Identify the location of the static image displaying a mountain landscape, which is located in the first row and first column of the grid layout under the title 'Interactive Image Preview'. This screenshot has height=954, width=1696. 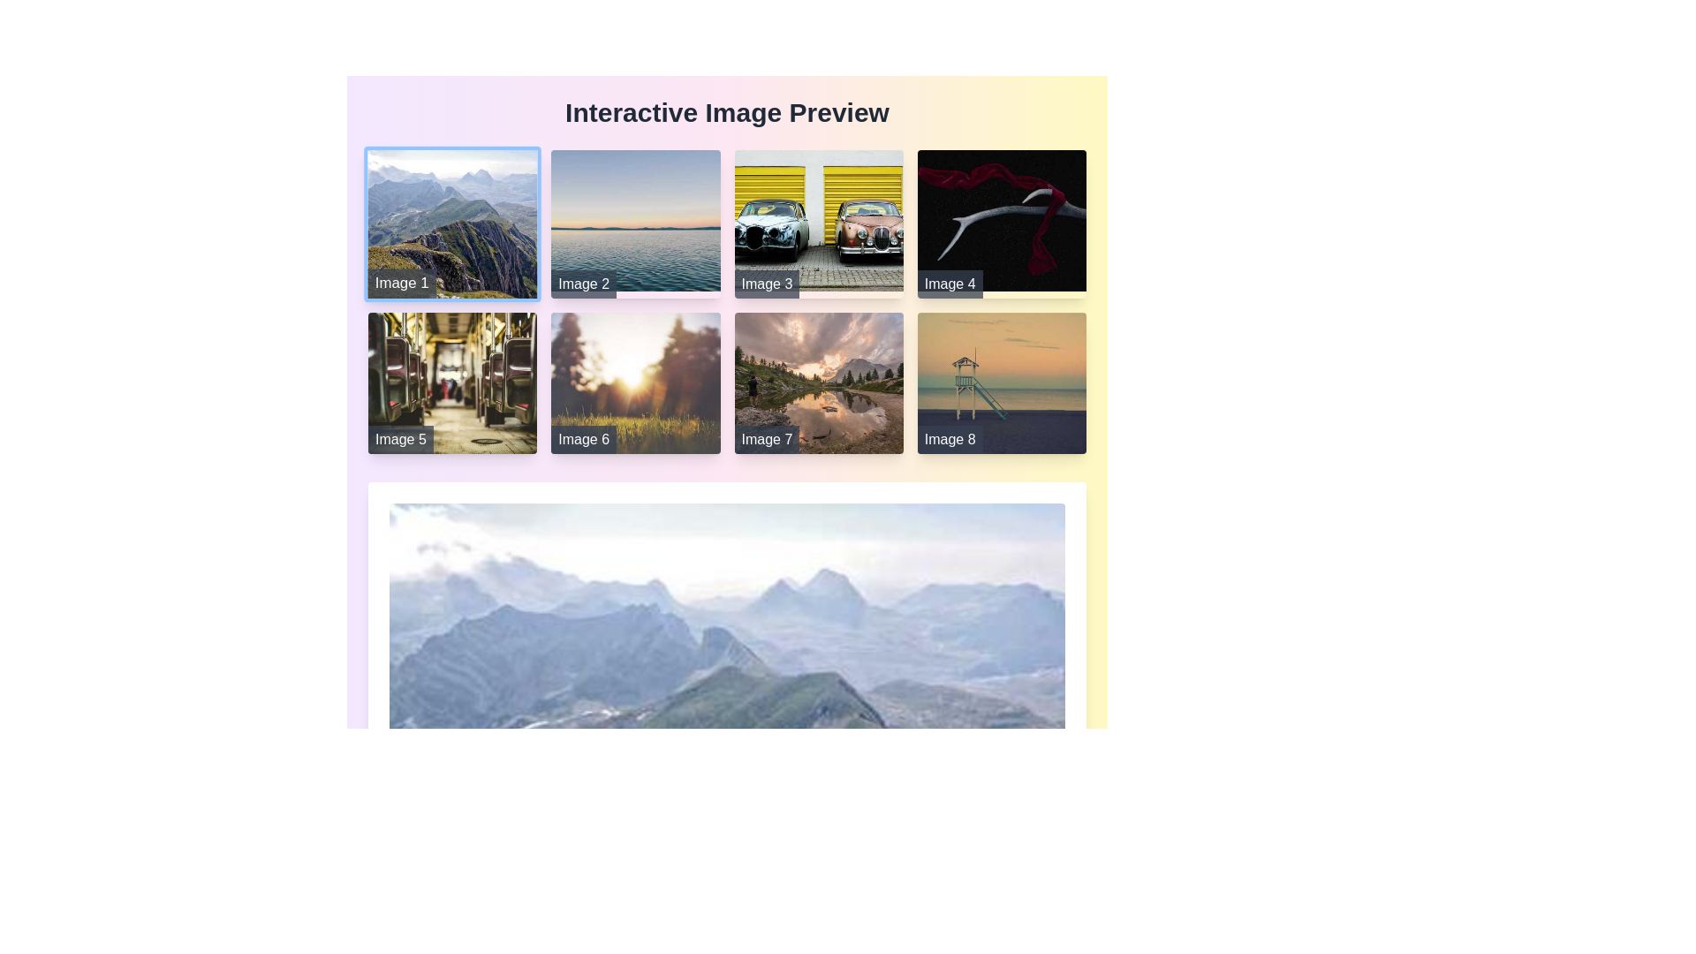
(452, 223).